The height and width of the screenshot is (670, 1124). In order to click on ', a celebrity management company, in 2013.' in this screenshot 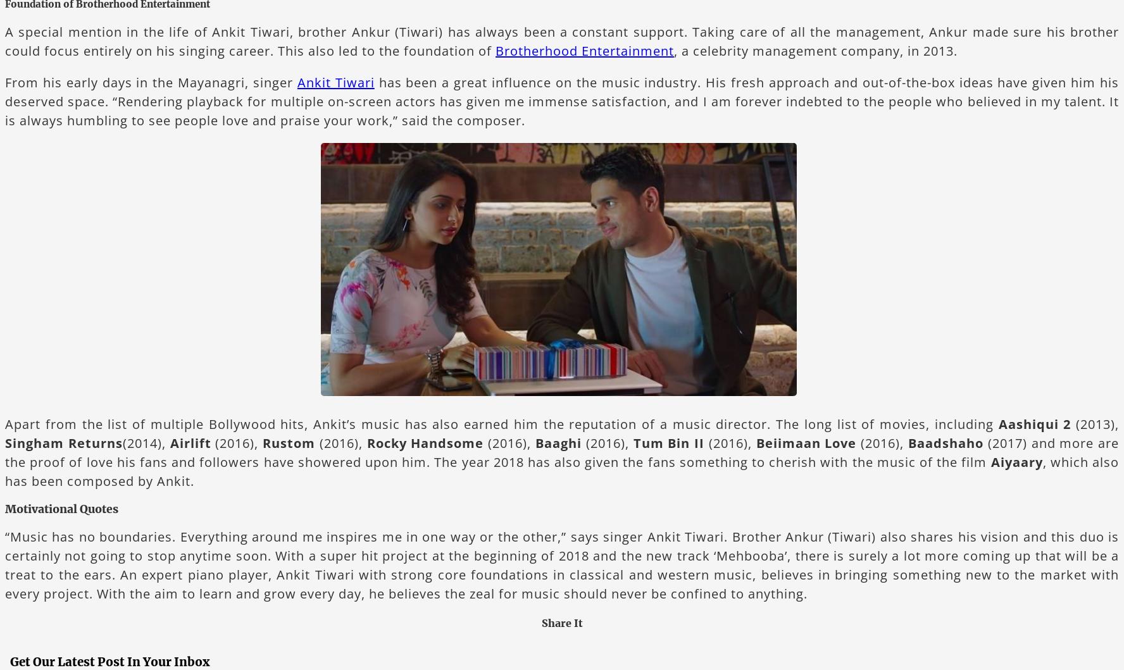, I will do `click(816, 50)`.